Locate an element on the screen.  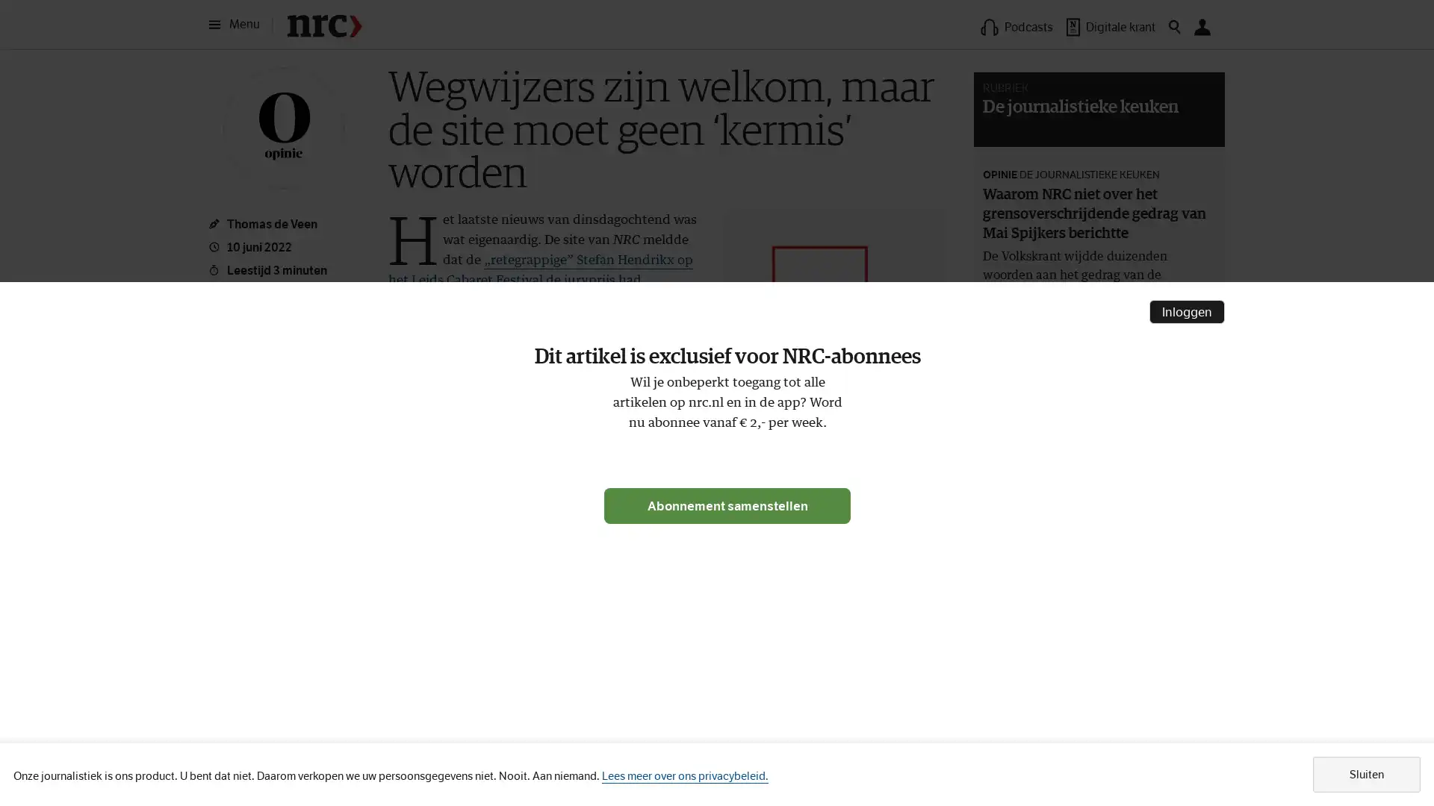
Meer opties is located at coordinates (307, 352).